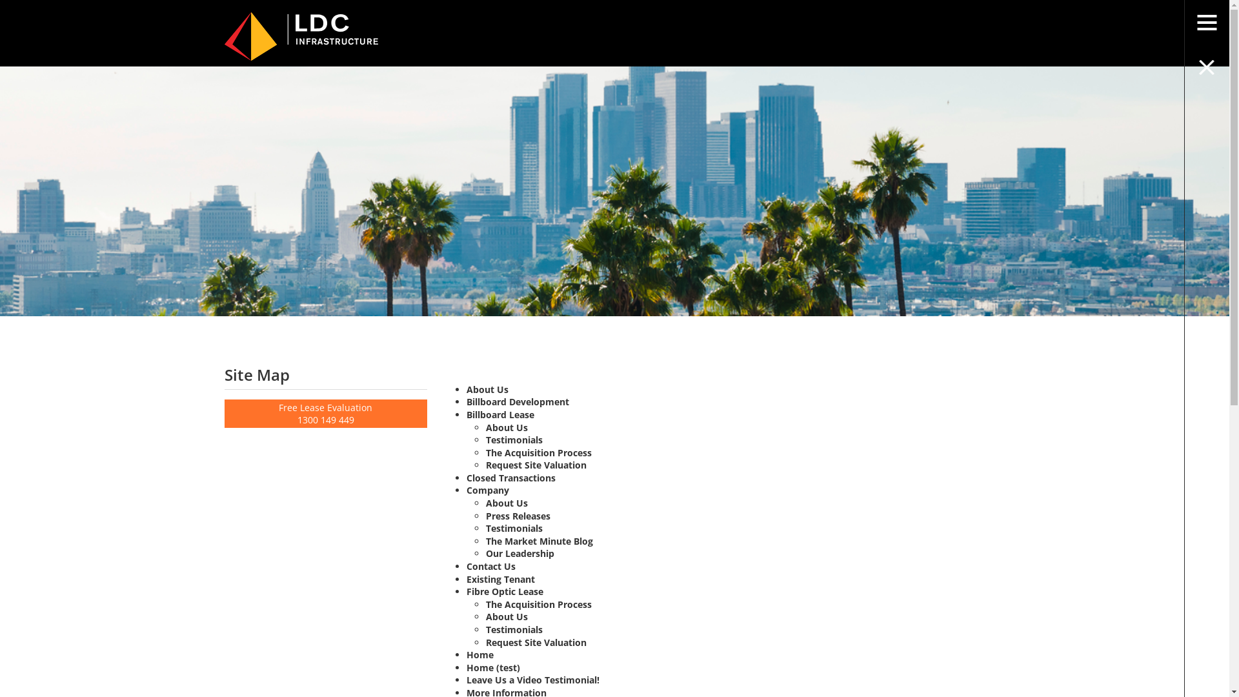  What do you see at coordinates (487, 389) in the screenshot?
I see `'About Us'` at bounding box center [487, 389].